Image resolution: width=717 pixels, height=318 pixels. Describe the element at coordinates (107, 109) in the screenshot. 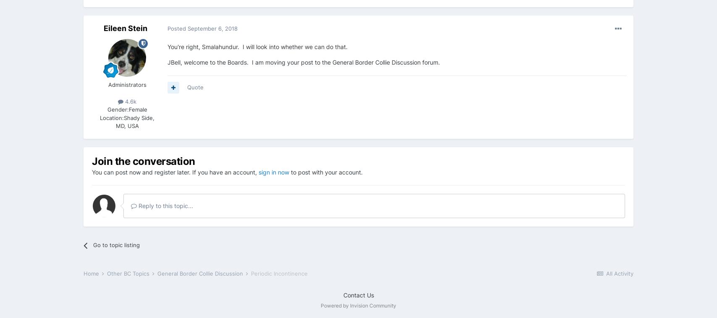

I see `'Gender:'` at that location.